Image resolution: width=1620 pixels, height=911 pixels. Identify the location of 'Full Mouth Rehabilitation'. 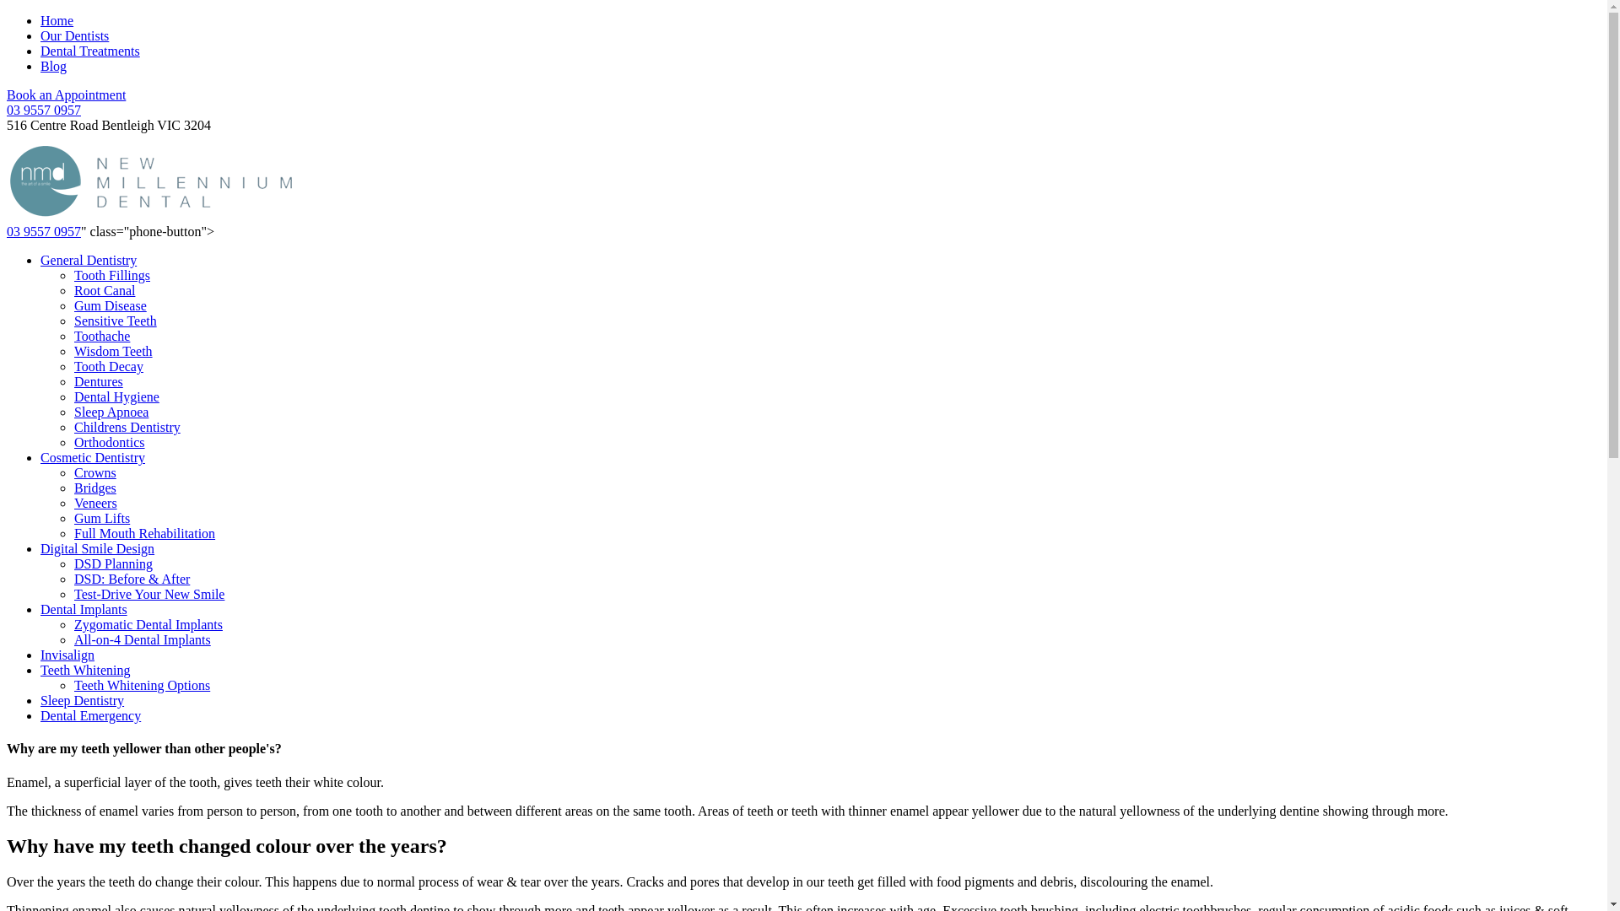
(144, 533).